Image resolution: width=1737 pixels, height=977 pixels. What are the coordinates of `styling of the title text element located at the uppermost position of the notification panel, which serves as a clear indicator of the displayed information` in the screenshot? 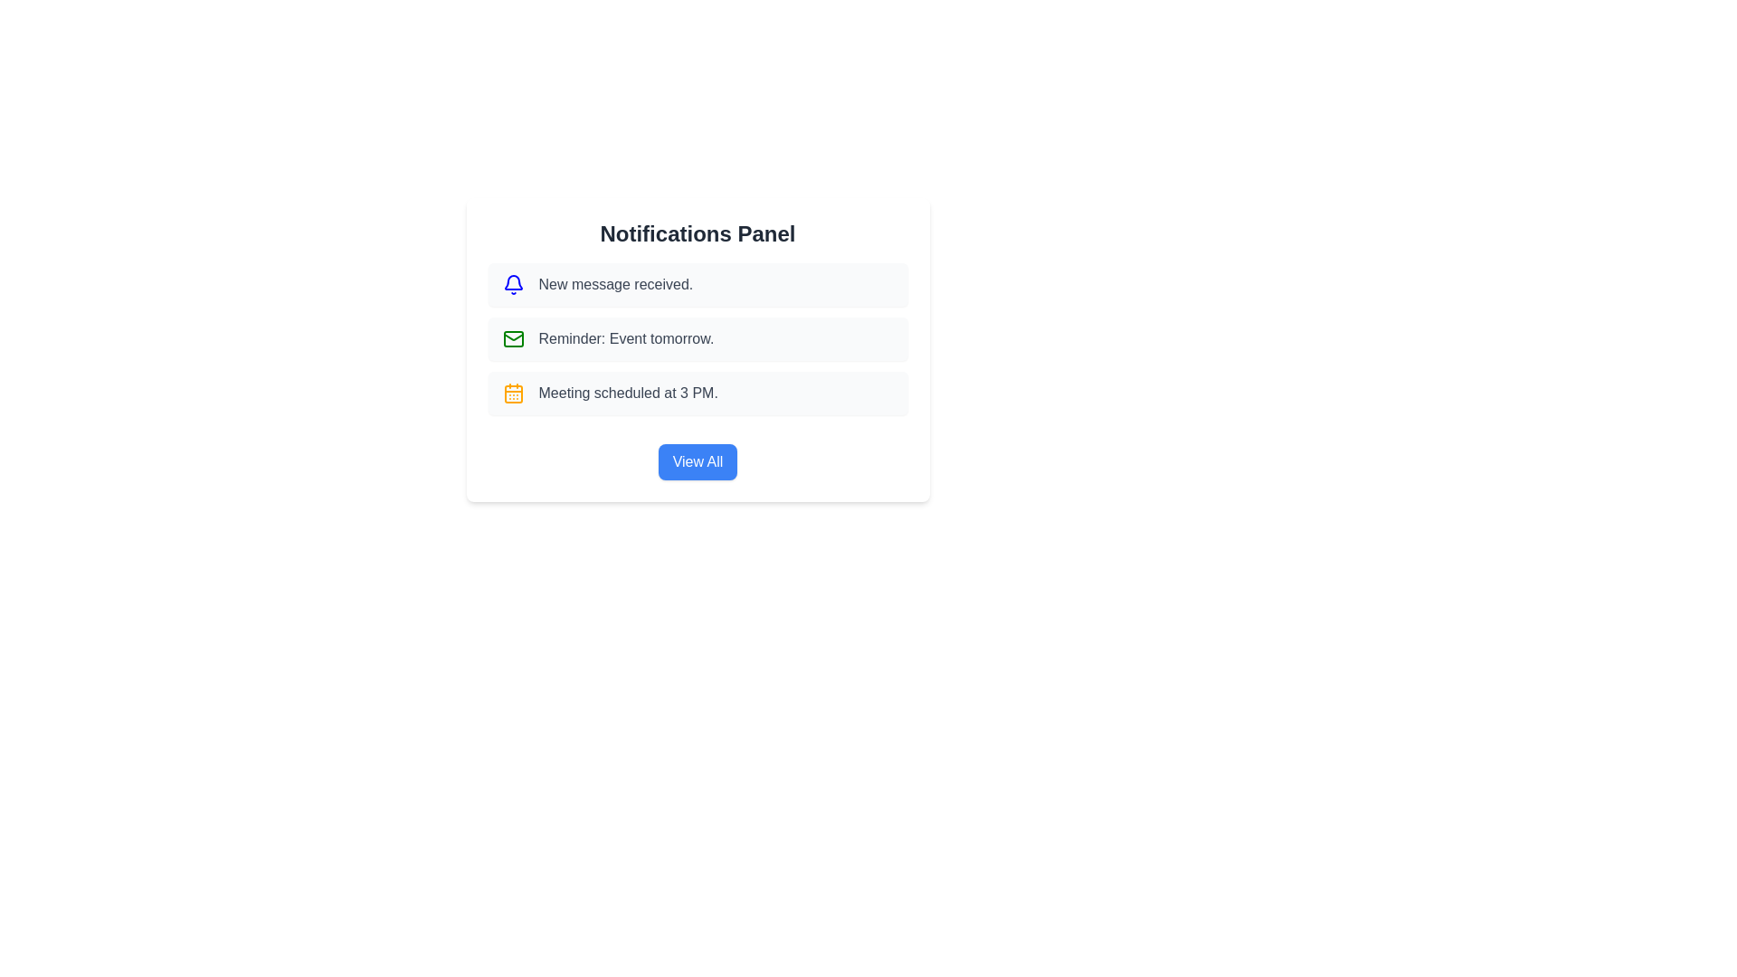 It's located at (697, 232).